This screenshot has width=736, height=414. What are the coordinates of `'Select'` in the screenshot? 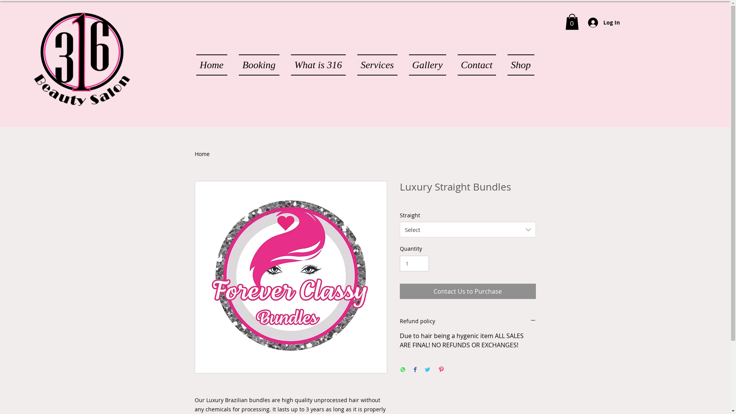 It's located at (467, 229).